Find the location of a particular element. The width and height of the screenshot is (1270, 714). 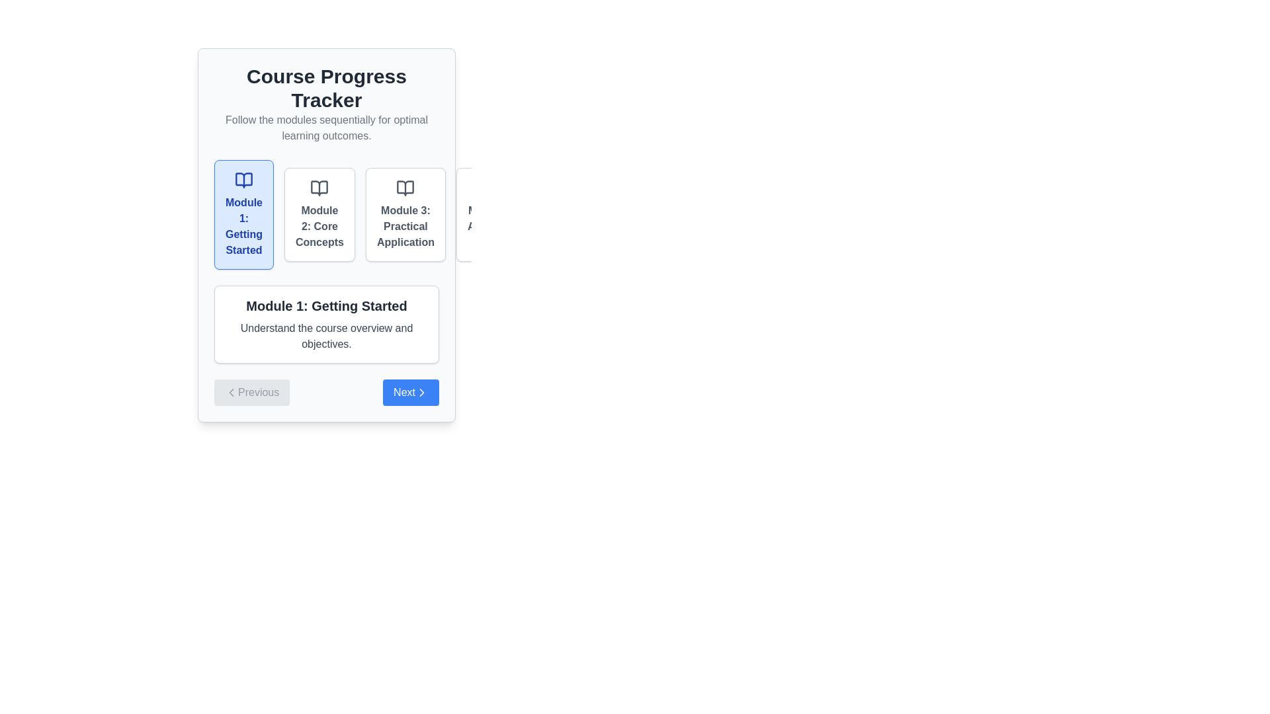

the 'Next' button which contains the rightward chevron (arrow) icon is located at coordinates (421, 392).